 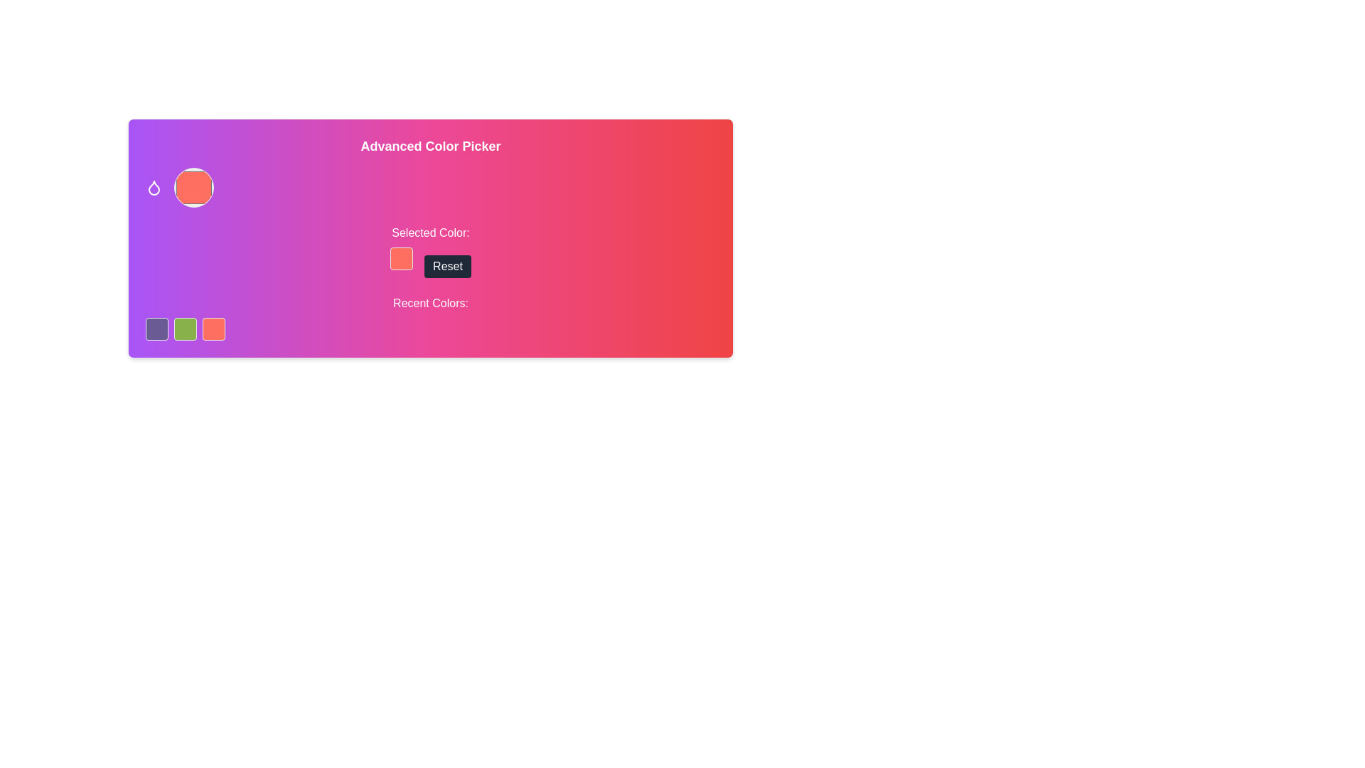 I want to click on the Text Label that identifies the section above the color preview and 'Reset' button, serving as a title for related actions, so click(x=429, y=232).